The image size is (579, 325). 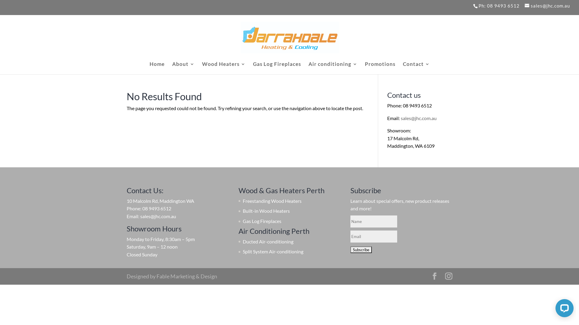 I want to click on 'Wood Heaters', so click(x=223, y=68).